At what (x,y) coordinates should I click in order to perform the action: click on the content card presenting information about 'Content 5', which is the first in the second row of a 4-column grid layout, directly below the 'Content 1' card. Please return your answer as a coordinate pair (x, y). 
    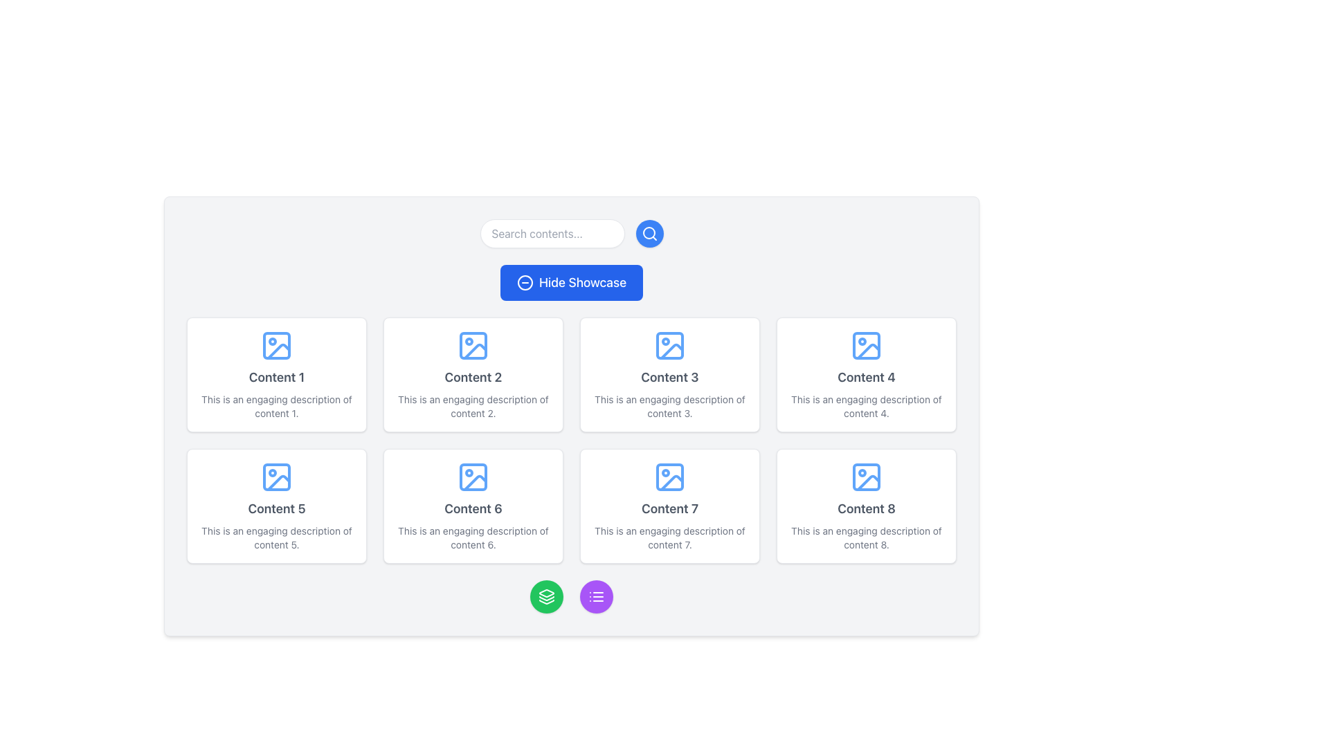
    Looking at the image, I should click on (276, 506).